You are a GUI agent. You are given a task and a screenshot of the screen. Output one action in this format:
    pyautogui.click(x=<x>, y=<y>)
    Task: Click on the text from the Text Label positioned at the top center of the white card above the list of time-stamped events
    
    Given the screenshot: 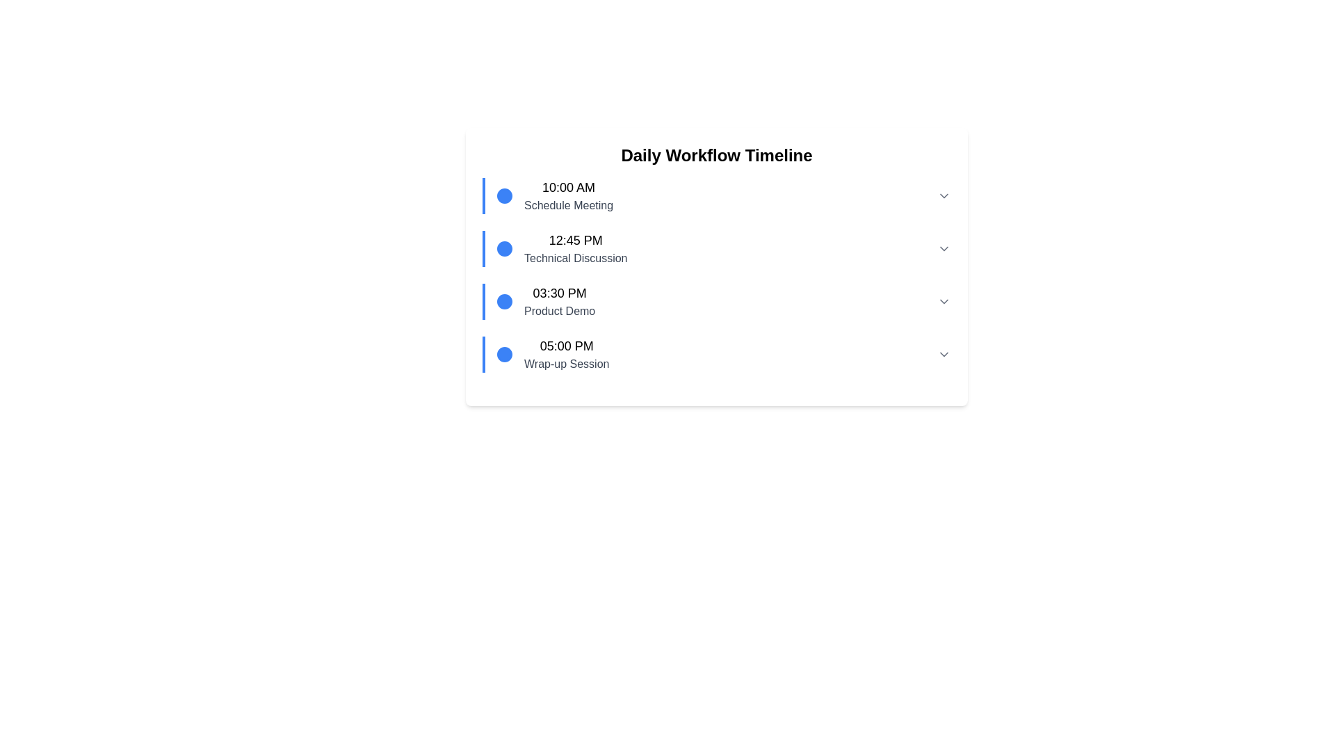 What is the action you would take?
    pyautogui.click(x=717, y=155)
    